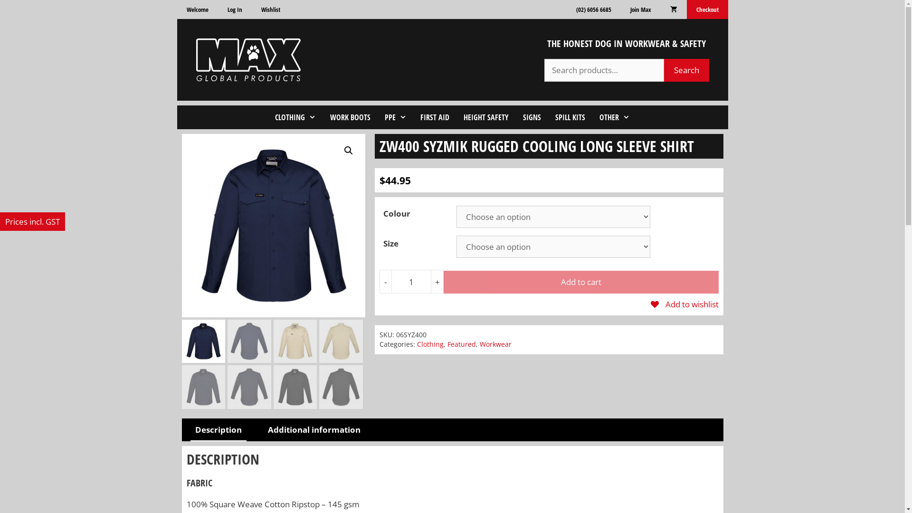  Describe the element at coordinates (580, 282) in the screenshot. I see `'Add to cart'` at that location.